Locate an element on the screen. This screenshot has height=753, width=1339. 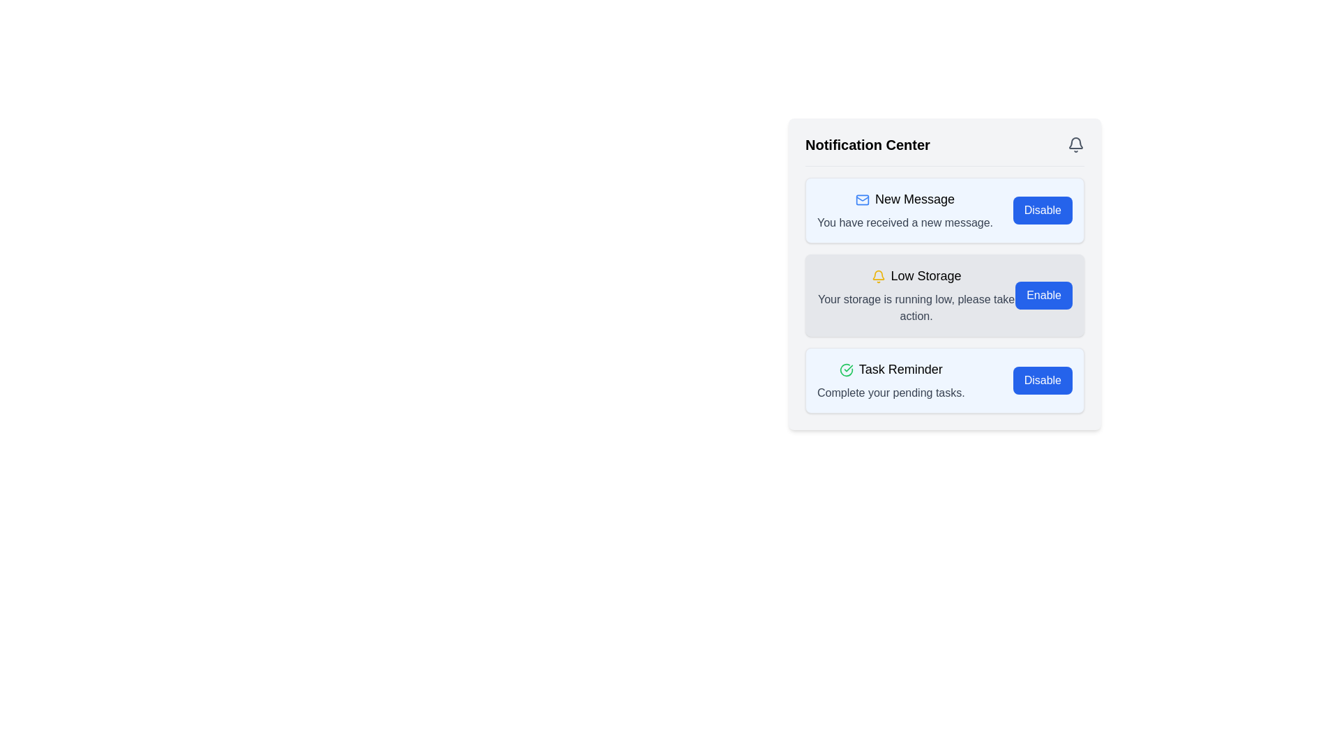
the button located in the lower-right corner of the 'Task Reminder' notification card is located at coordinates (1042, 381).